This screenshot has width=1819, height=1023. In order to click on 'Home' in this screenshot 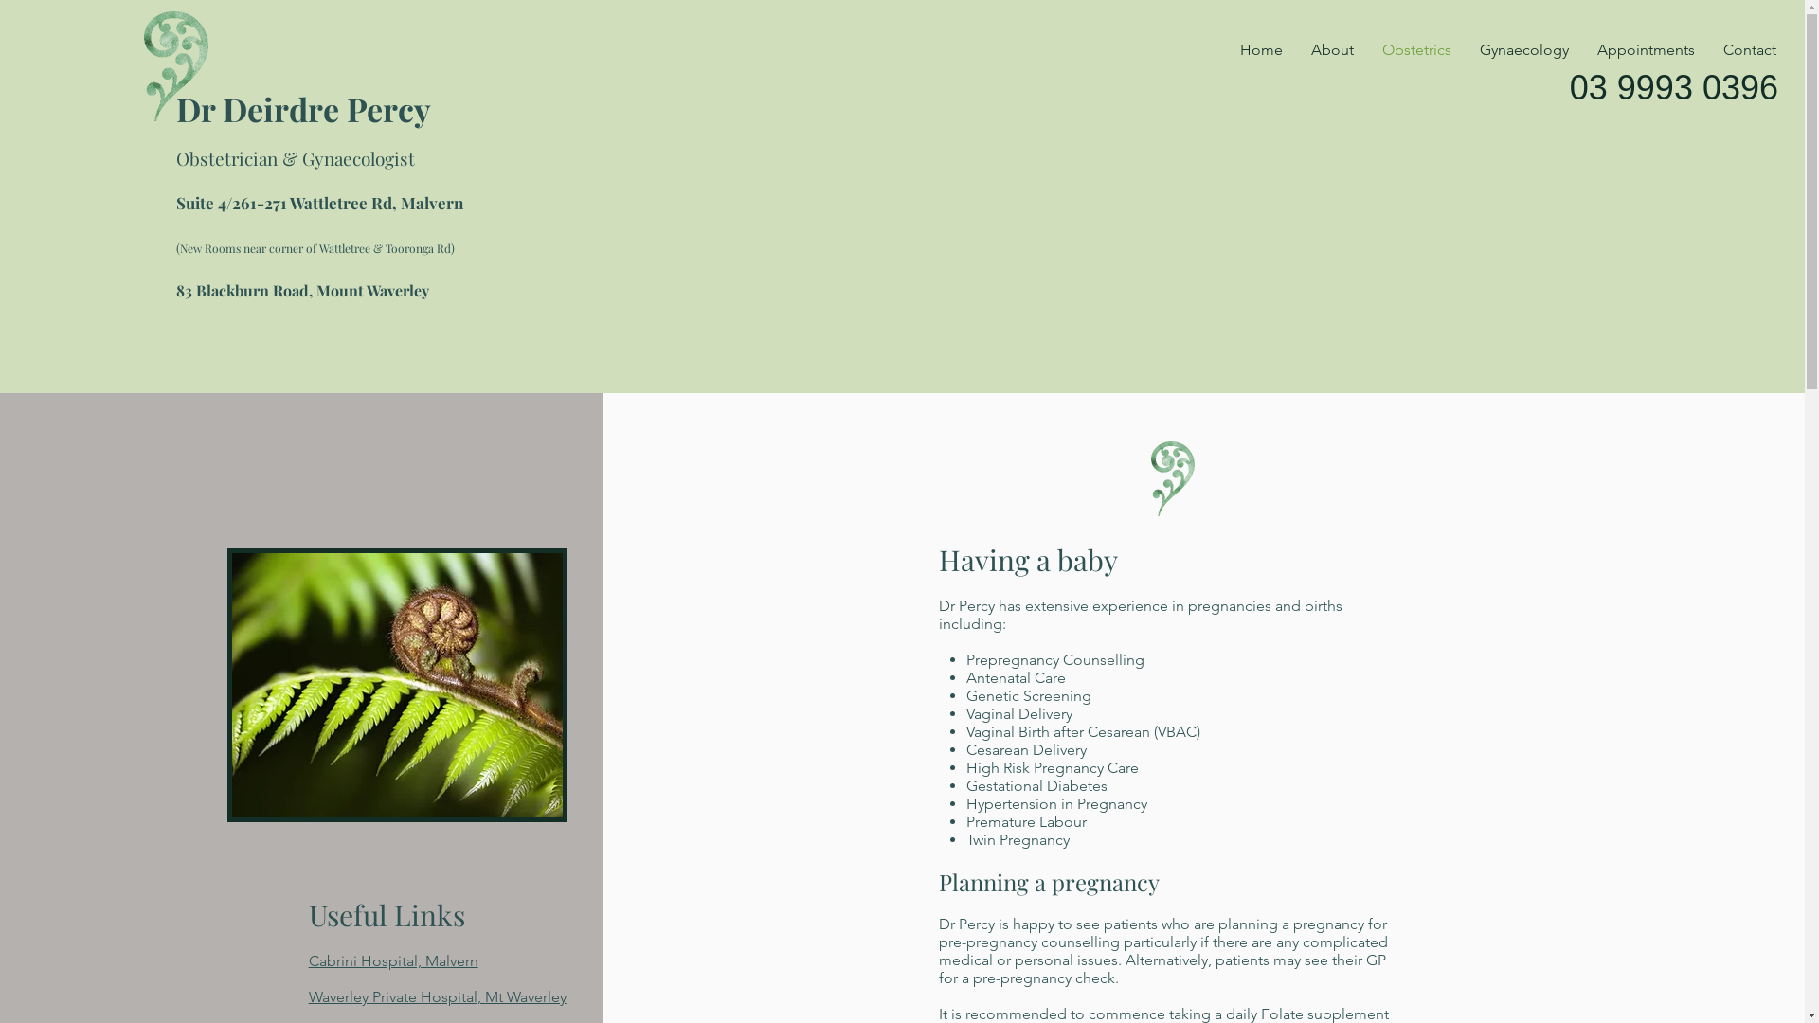, I will do `click(1261, 49)`.